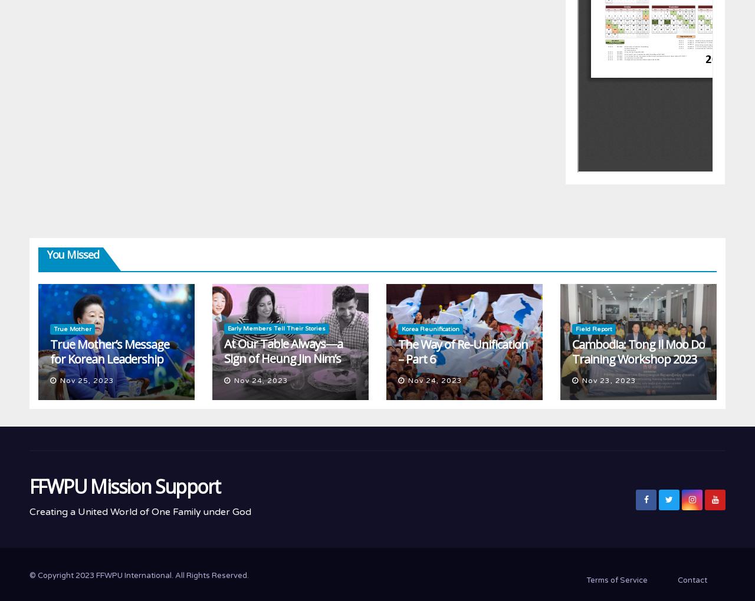 Image resolution: width=755 pixels, height=601 pixels. I want to click on 'True Mother’s Message for Korean Leadership', so click(109, 351).